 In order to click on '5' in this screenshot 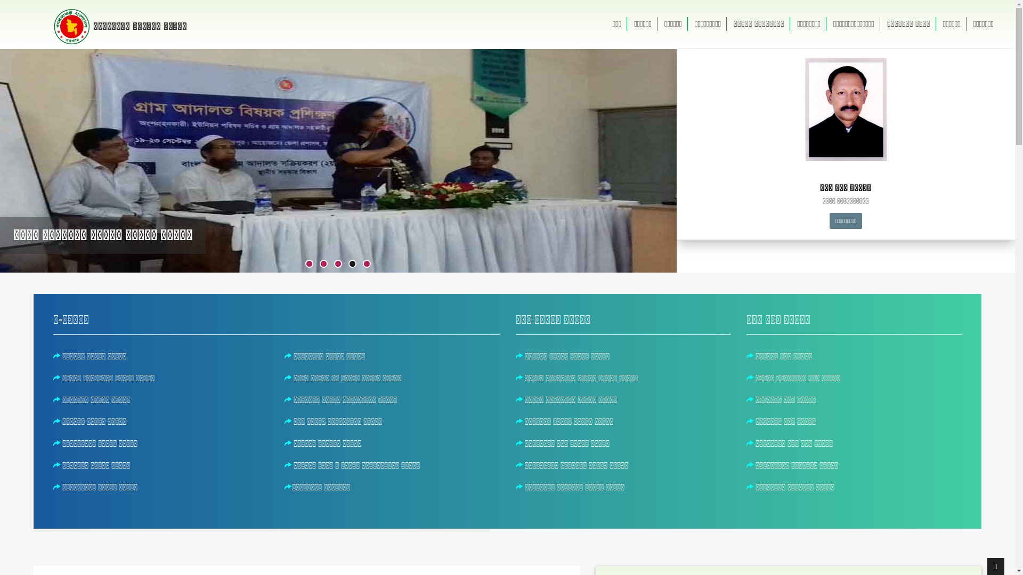, I will do `click(367, 264)`.